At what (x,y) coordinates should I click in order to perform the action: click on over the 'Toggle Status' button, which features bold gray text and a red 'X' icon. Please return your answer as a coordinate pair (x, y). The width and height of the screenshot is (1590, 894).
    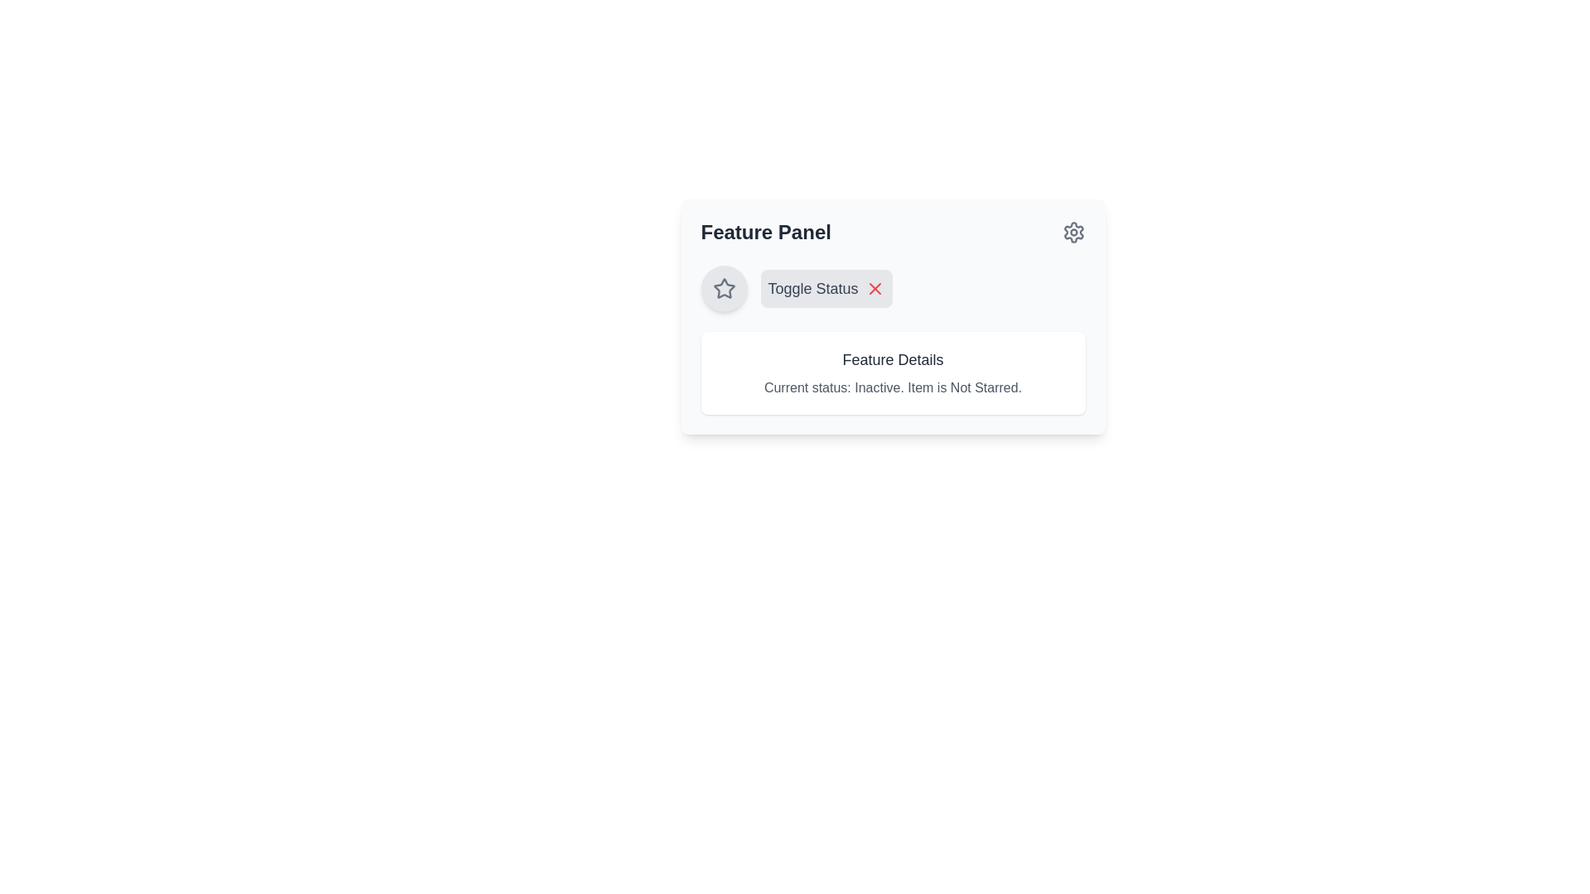
    Looking at the image, I should click on (826, 287).